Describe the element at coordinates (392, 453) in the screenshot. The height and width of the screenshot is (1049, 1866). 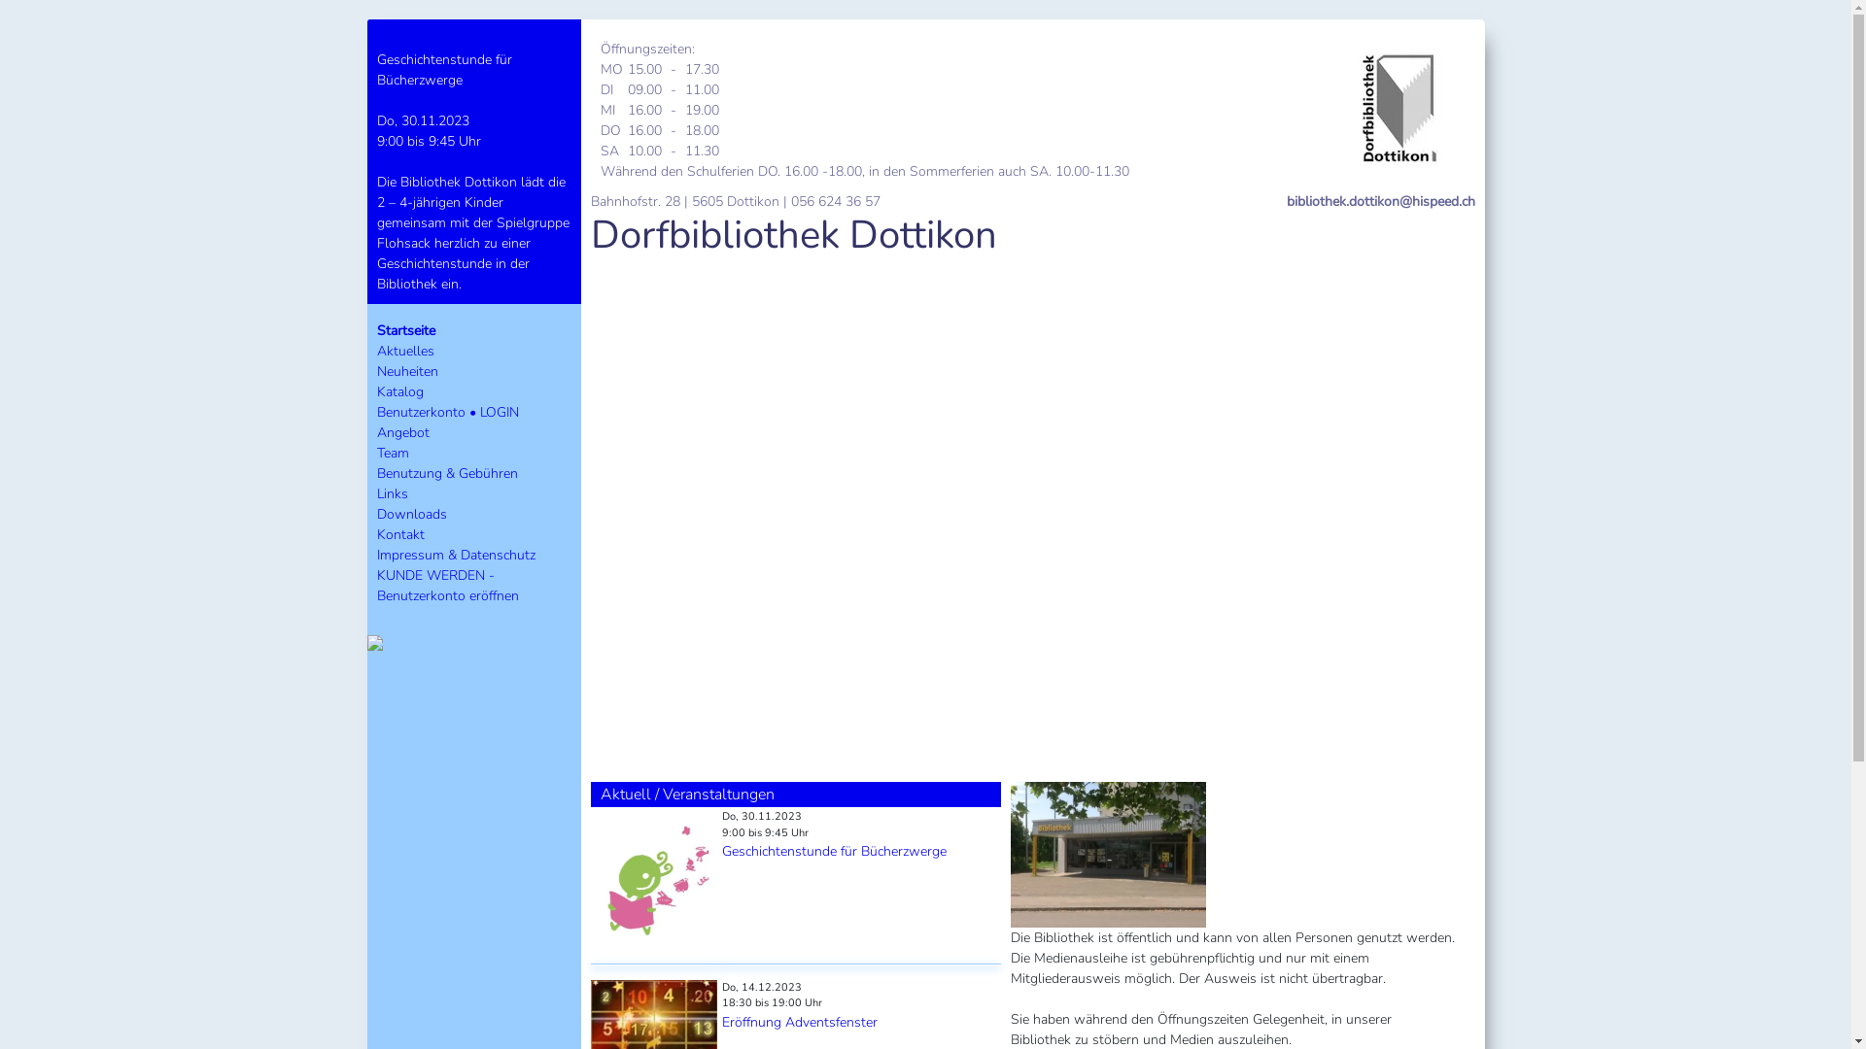
I see `'Team'` at that location.